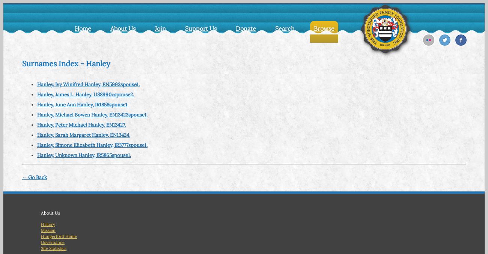 The width and height of the screenshot is (488, 254). What do you see at coordinates (50, 212) in the screenshot?
I see `'About Us'` at bounding box center [50, 212].